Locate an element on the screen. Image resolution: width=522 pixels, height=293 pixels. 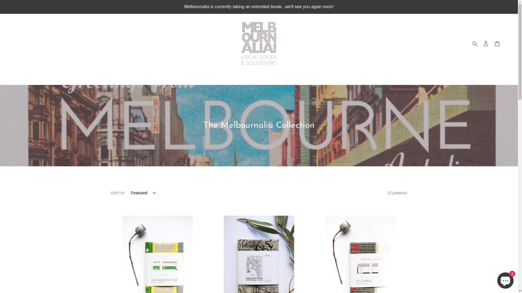
'Search' is located at coordinates (475, 43).